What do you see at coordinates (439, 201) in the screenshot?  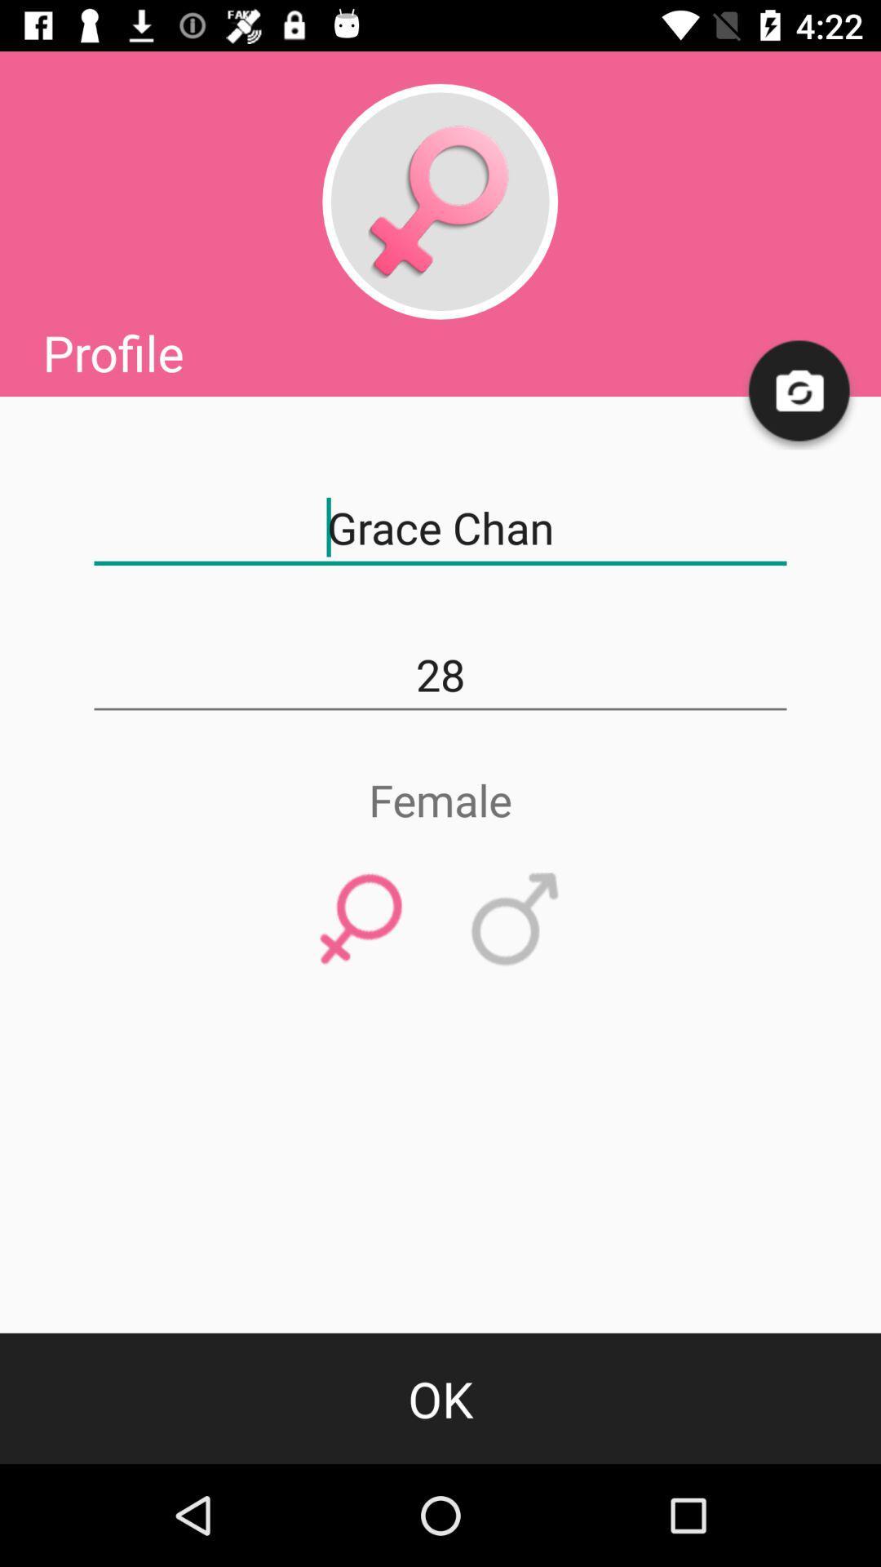 I see `profile photo` at bounding box center [439, 201].